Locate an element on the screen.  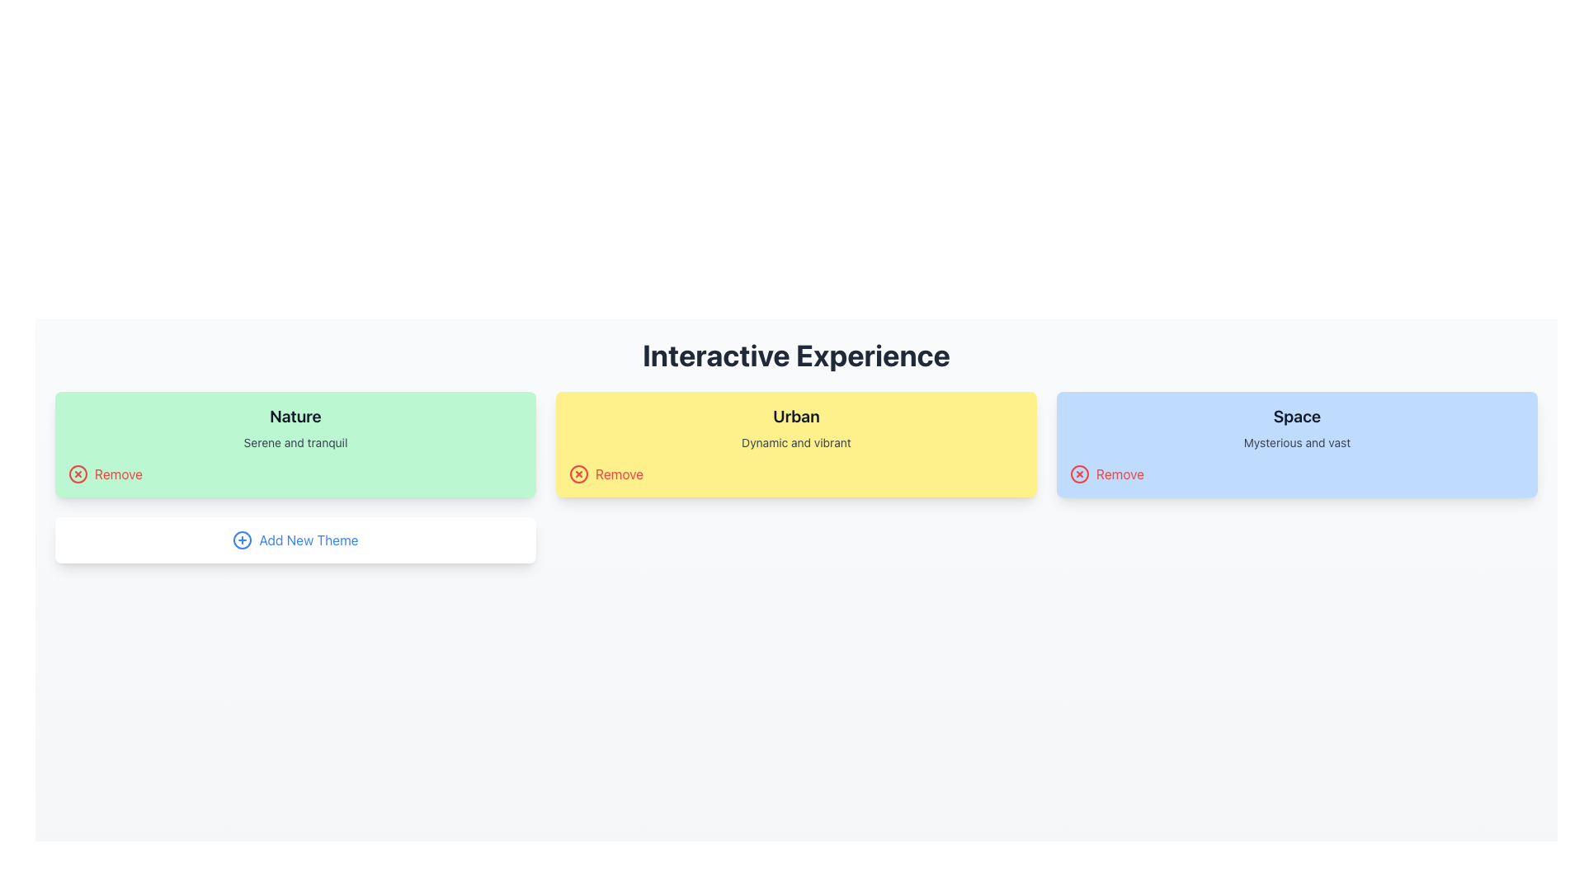
the 'Remove' icon located to the left of the 'Remove' text label in the second column of the 'Urban' section is located at coordinates (578, 474).